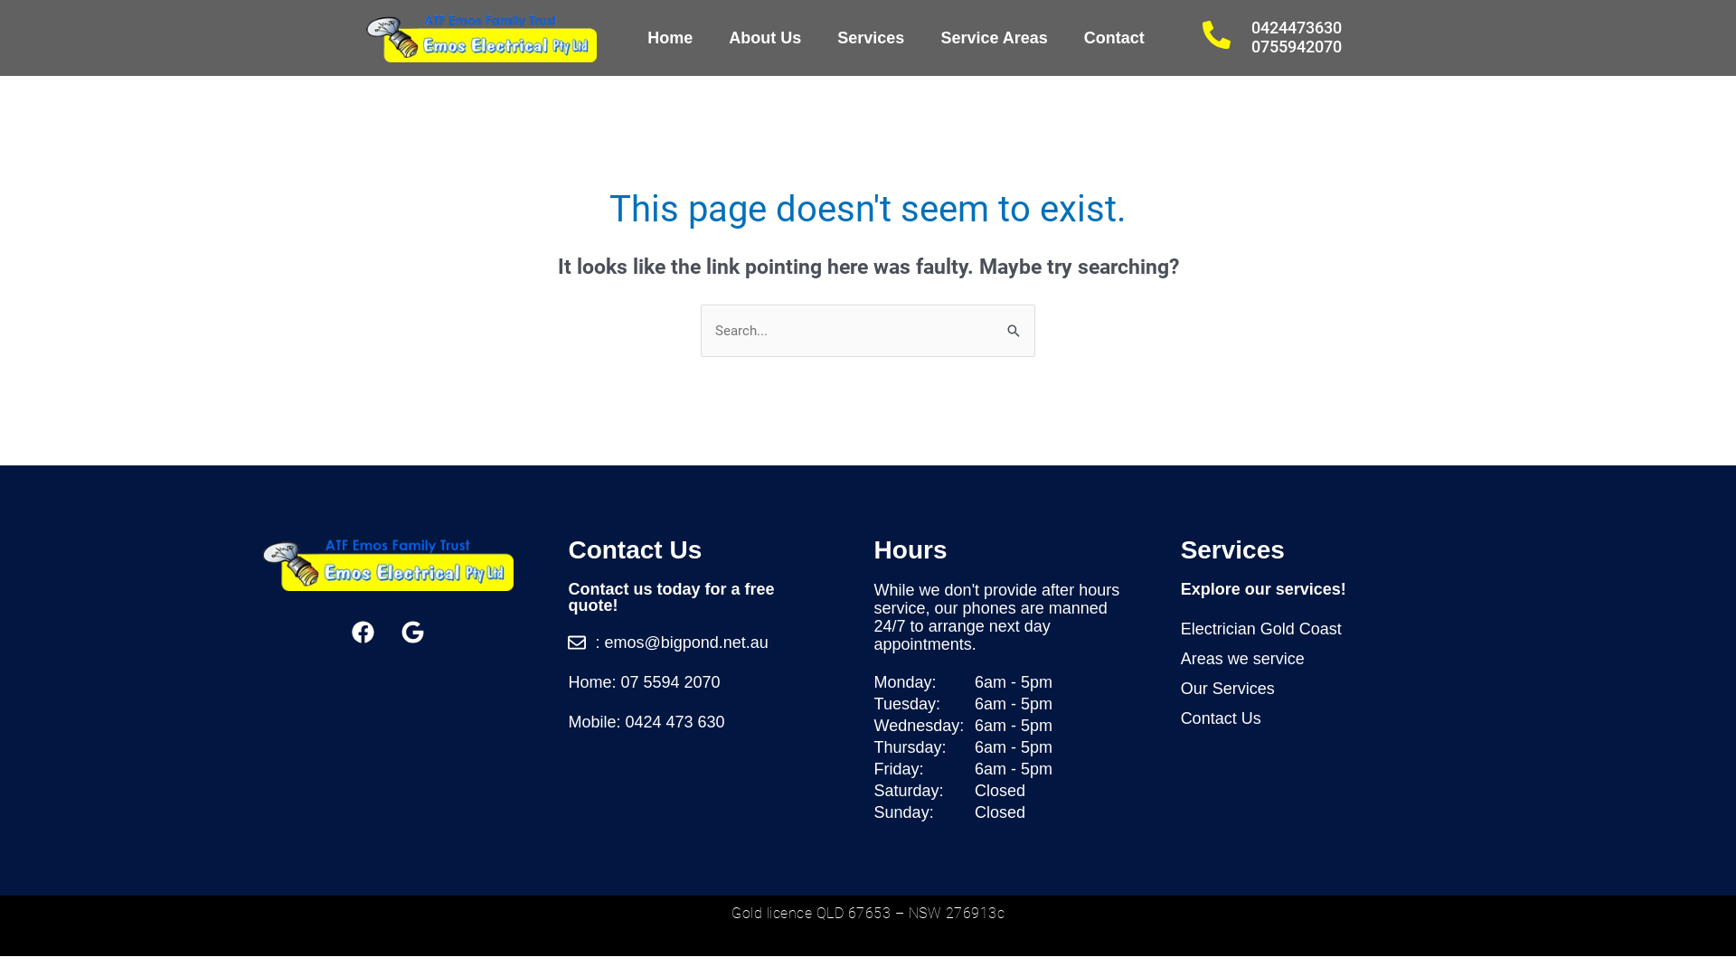 Image resolution: width=1736 pixels, height=976 pixels. What do you see at coordinates (411, 630) in the screenshot?
I see `'Google'` at bounding box center [411, 630].